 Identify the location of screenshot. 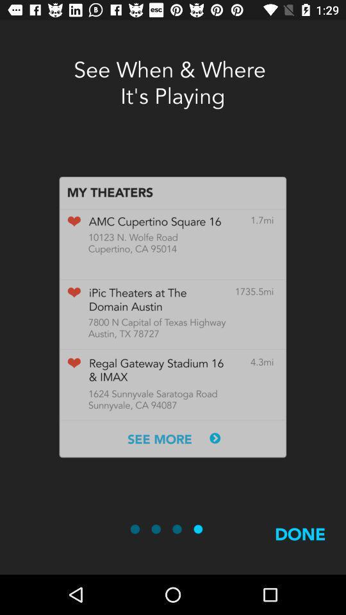
(172, 316).